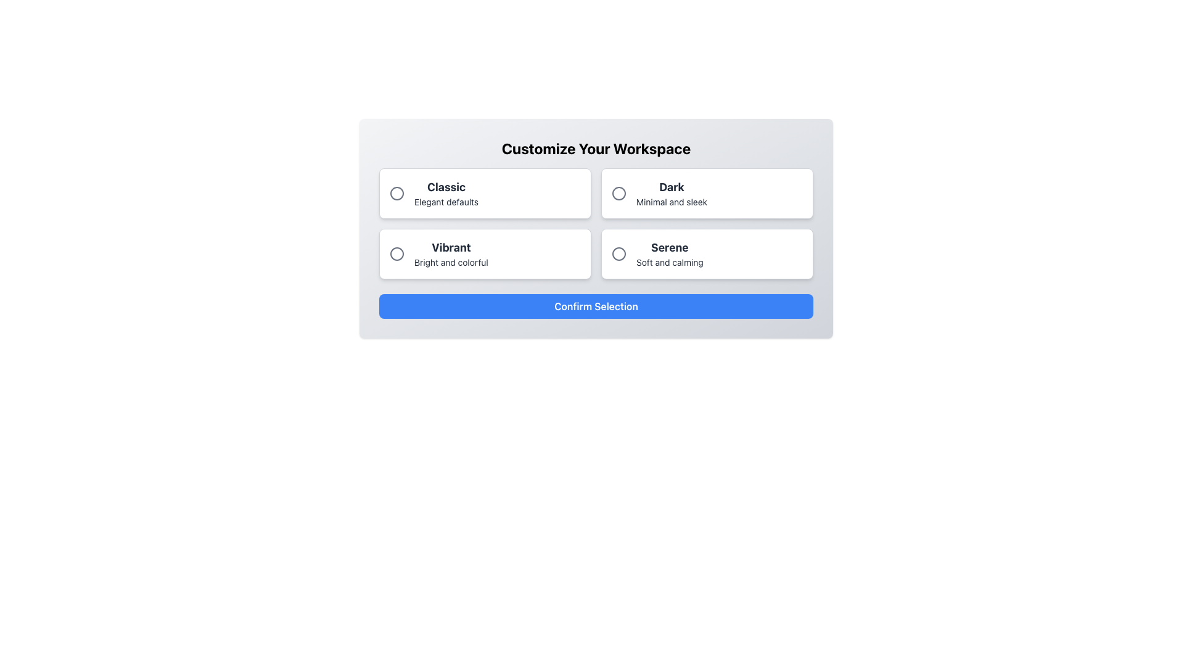  What do you see at coordinates (485, 253) in the screenshot?
I see `the 'Vibrant' workspace theme selectable card located in the second row of the grid layout, in the left column, beneath the 'Classic' card` at bounding box center [485, 253].